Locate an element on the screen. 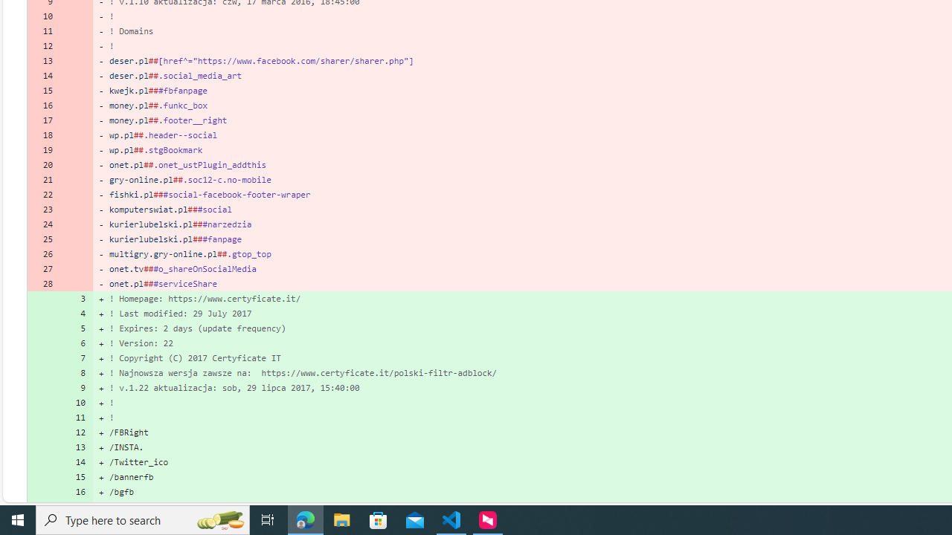 The height and width of the screenshot is (535, 952). '23' is located at coordinates (43, 210).